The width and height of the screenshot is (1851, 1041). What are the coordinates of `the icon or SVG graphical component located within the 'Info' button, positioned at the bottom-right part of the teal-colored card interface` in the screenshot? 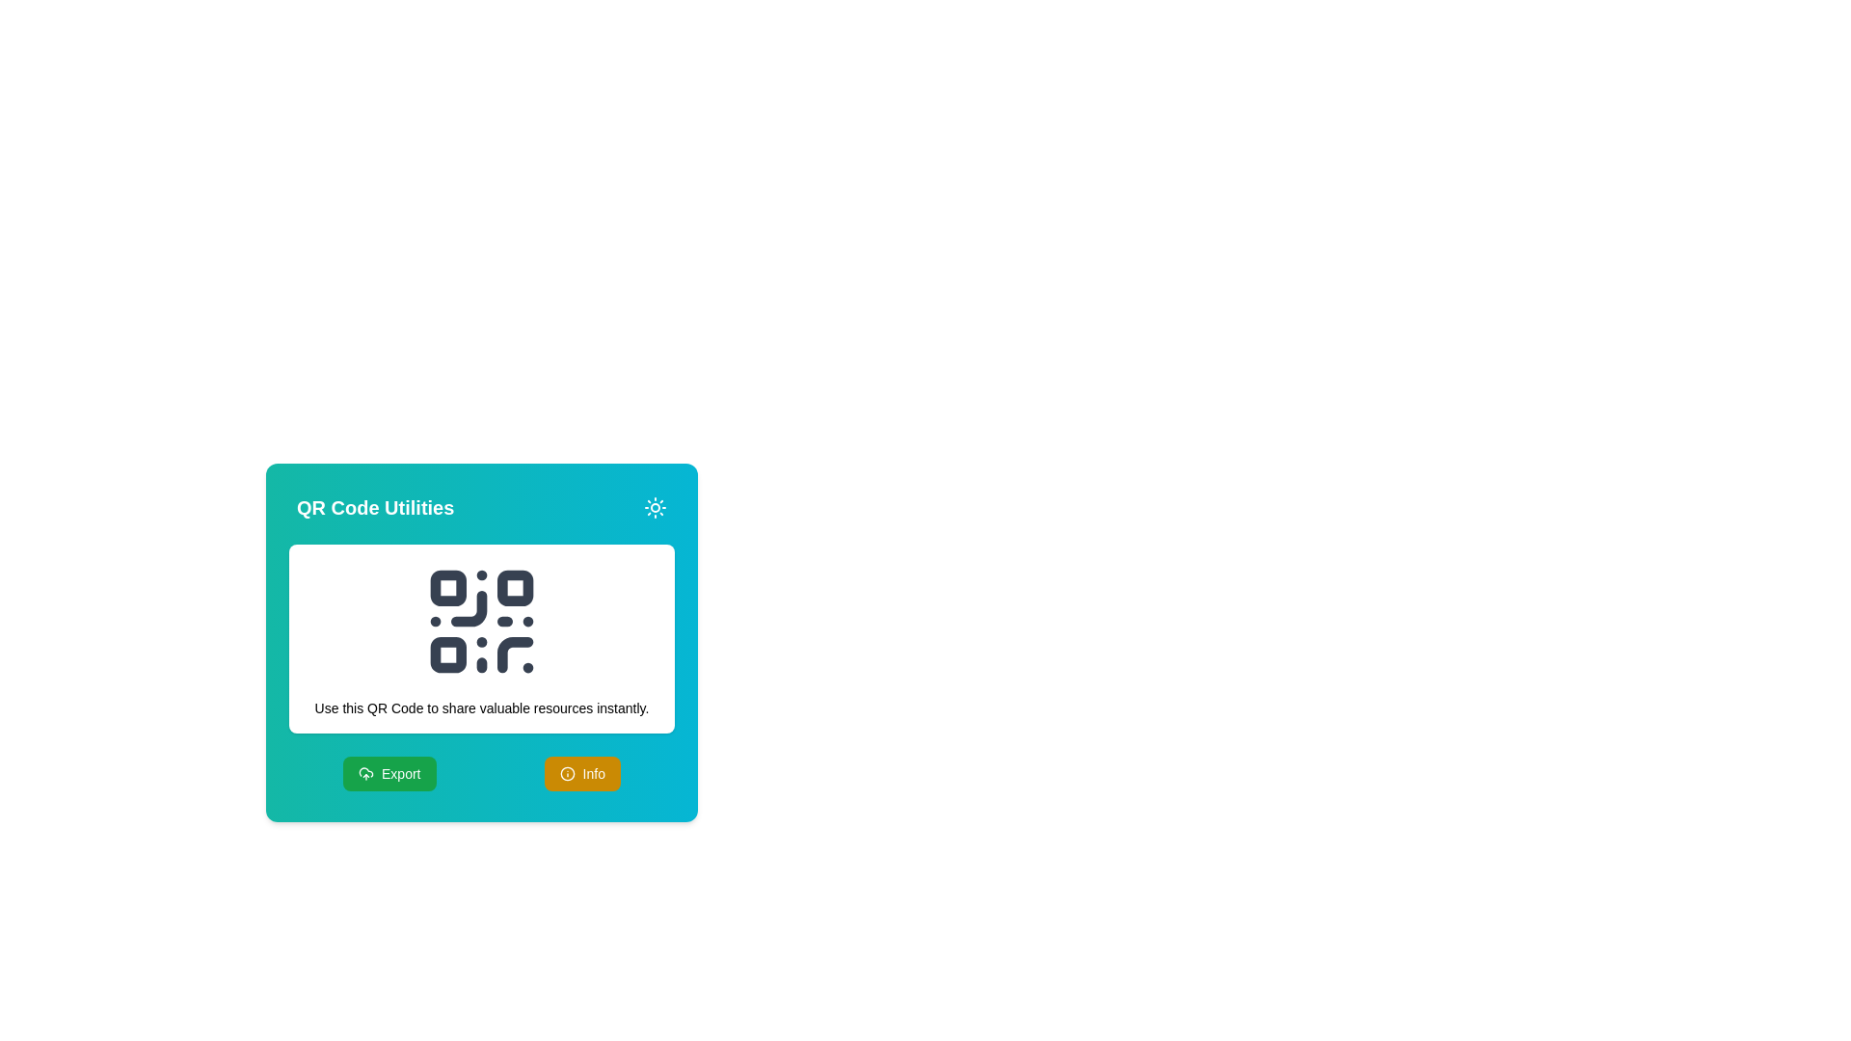 It's located at (566, 772).